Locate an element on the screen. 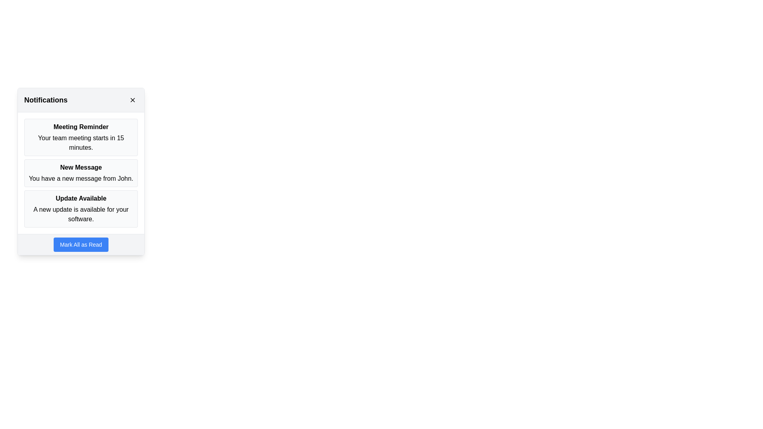 The width and height of the screenshot is (763, 429). notification text displayed in the text label that informs the user of a new message received from 'John', positioned centrally under the 'Notifications' heading is located at coordinates (81, 179).